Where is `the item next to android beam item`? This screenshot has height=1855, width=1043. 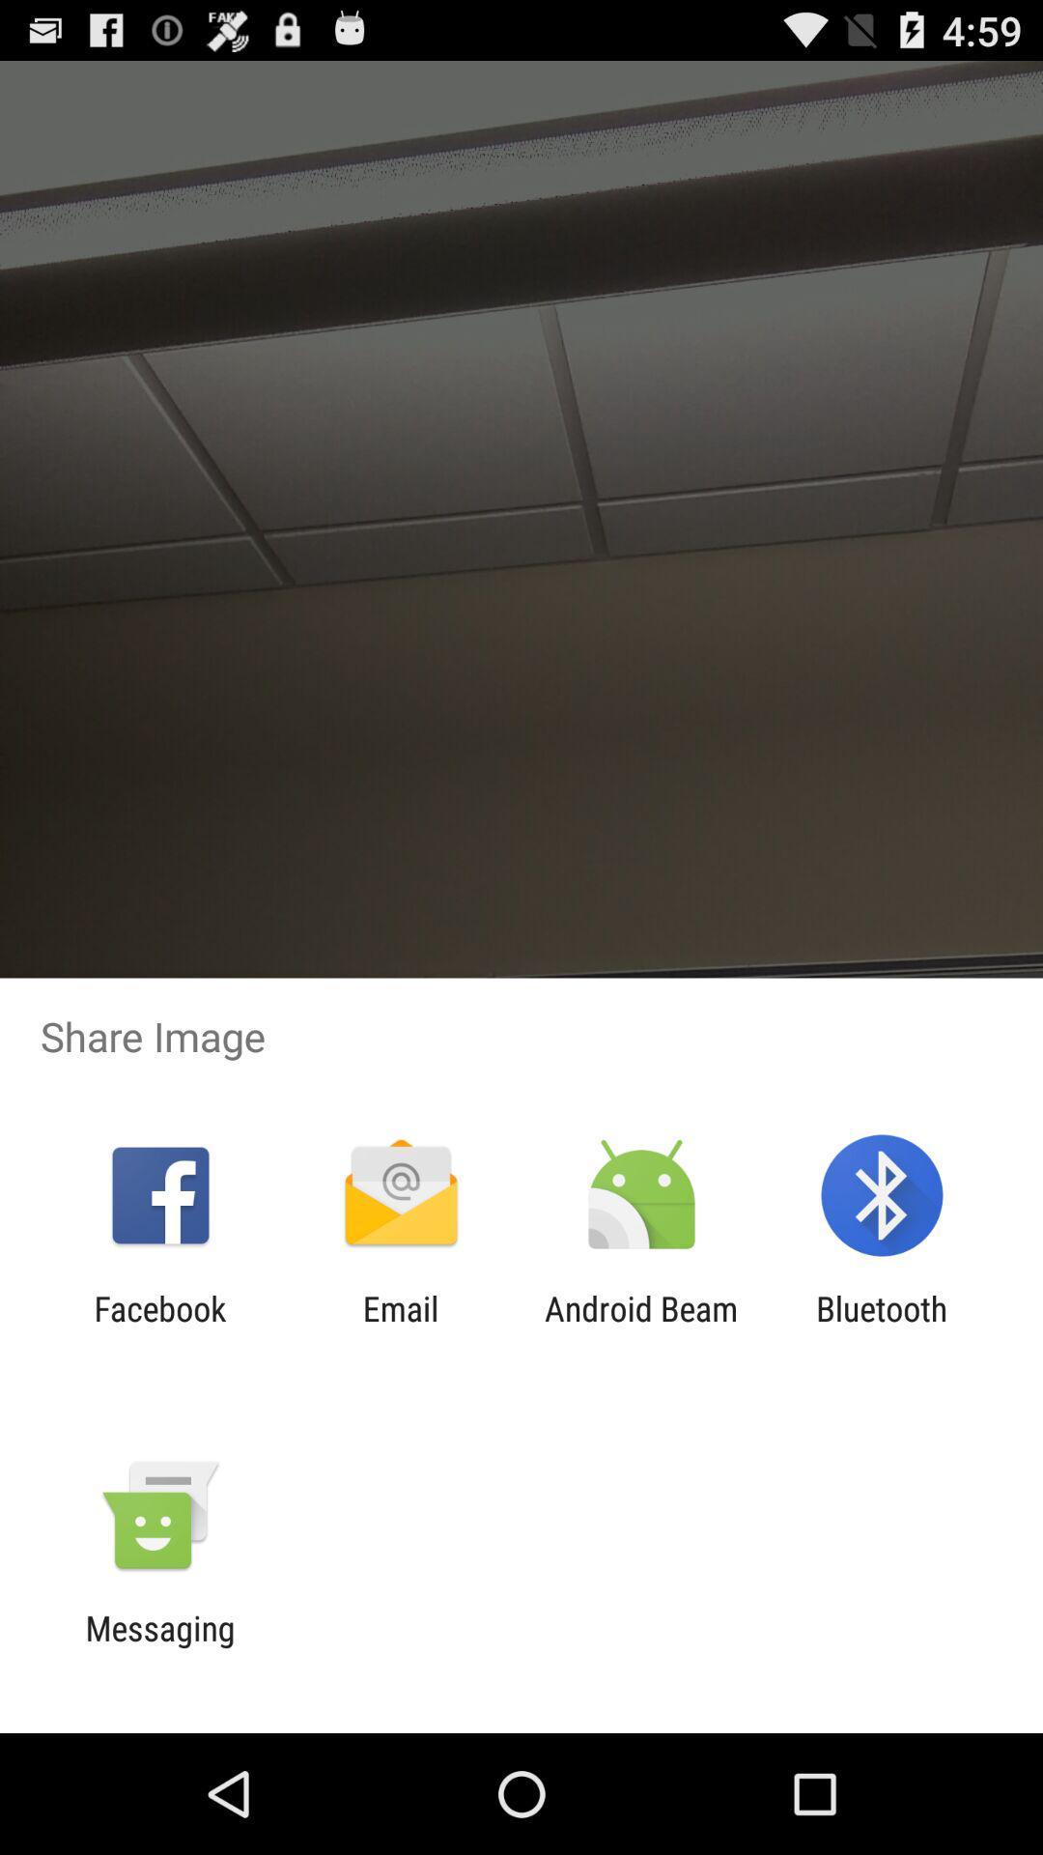
the item next to android beam item is located at coordinates (882, 1327).